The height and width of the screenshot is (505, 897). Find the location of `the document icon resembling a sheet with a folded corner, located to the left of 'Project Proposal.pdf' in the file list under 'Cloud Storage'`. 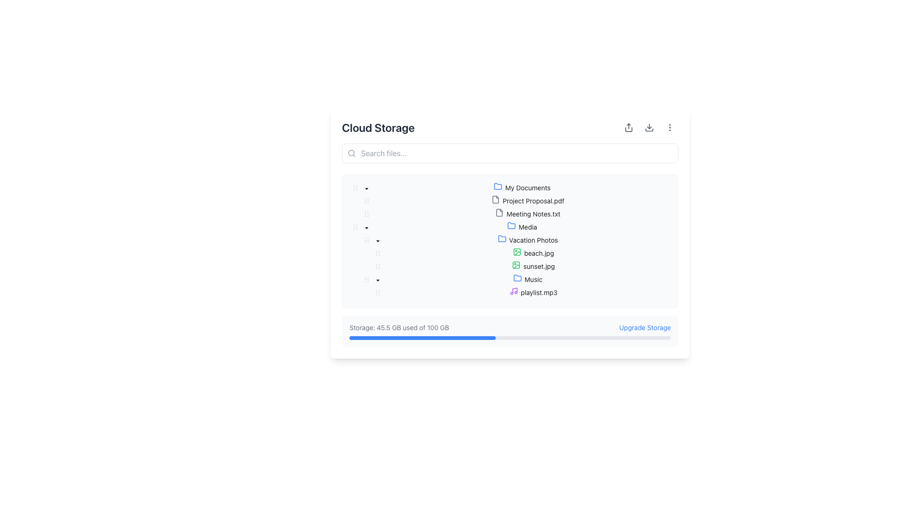

the document icon resembling a sheet with a folded corner, located to the left of 'Project Proposal.pdf' in the file list under 'Cloud Storage' is located at coordinates (495, 199).